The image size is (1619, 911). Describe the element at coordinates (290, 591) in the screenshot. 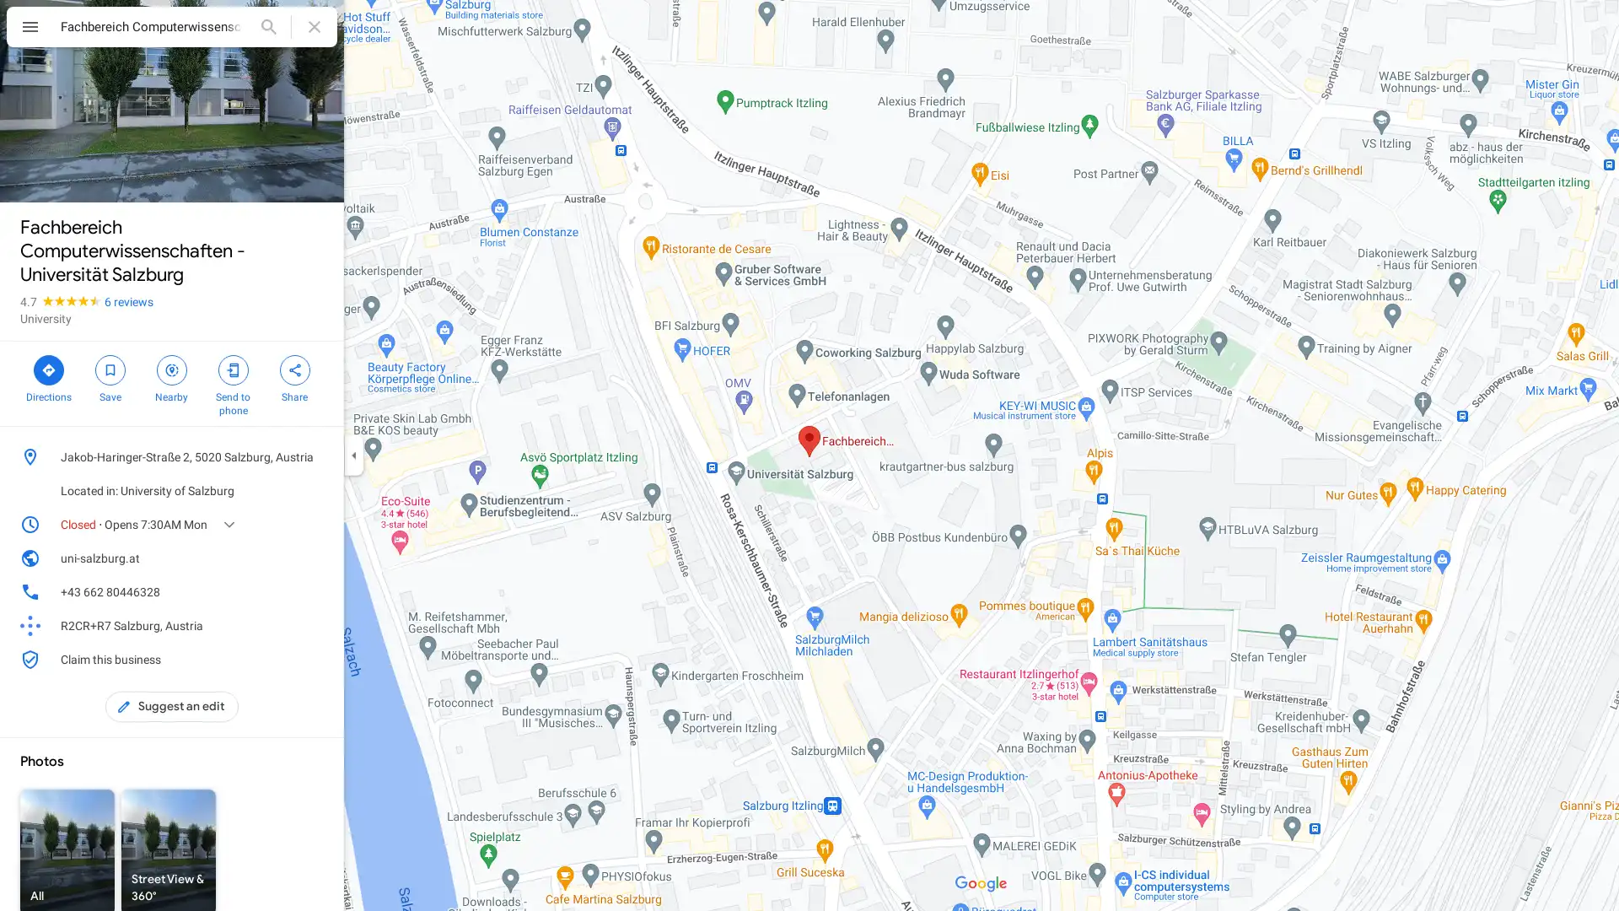

I see `Copy phone number` at that location.